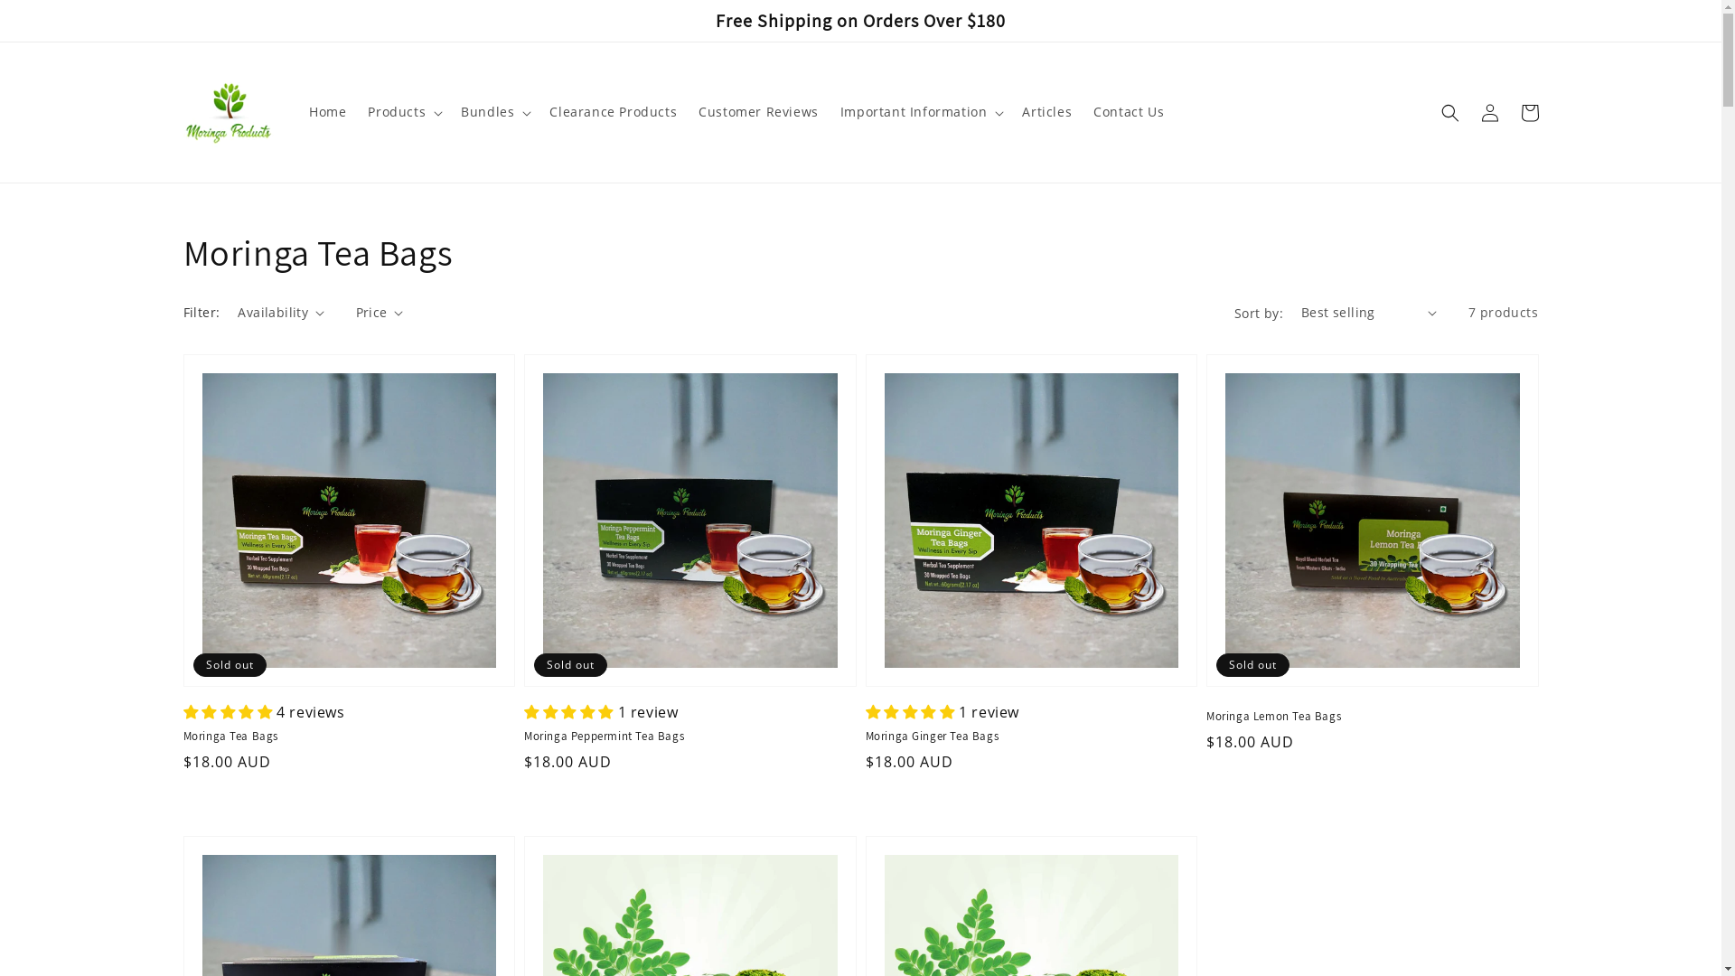 The width and height of the screenshot is (1735, 976). I want to click on 'Cart', so click(1509, 111).